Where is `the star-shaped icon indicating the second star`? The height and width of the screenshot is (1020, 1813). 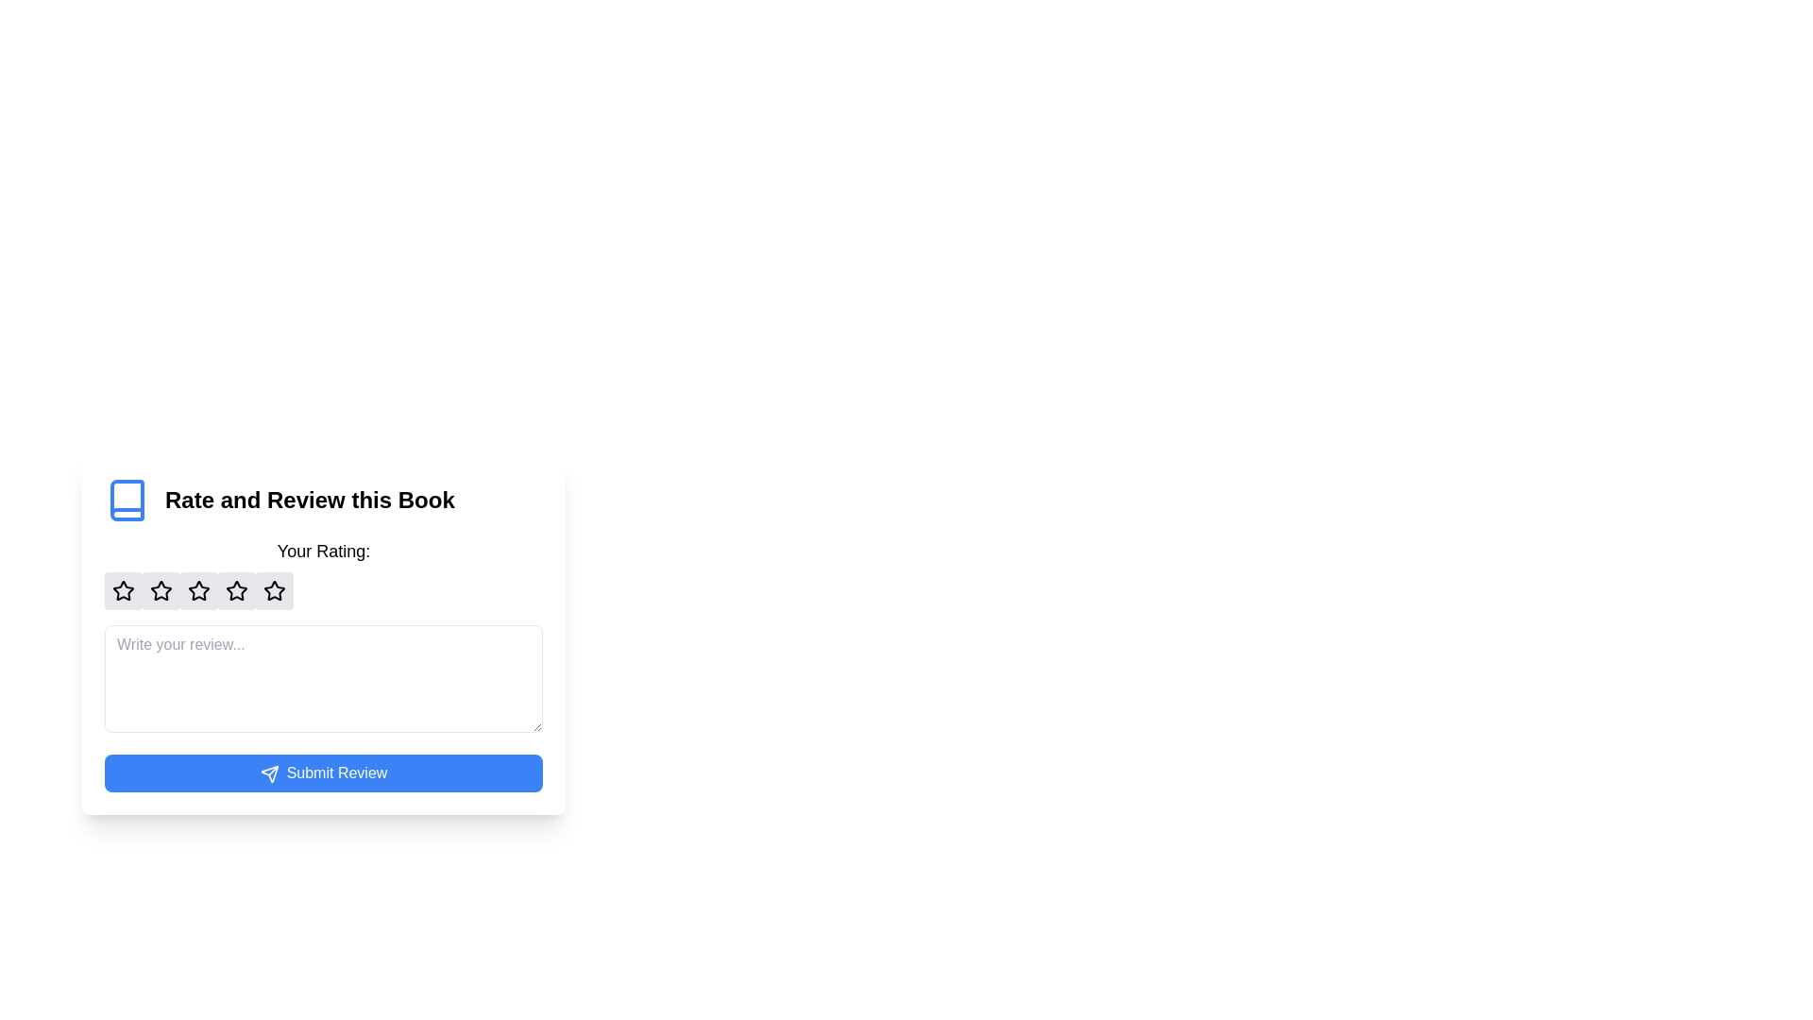
the star-shaped icon indicating the second star is located at coordinates (235, 589).